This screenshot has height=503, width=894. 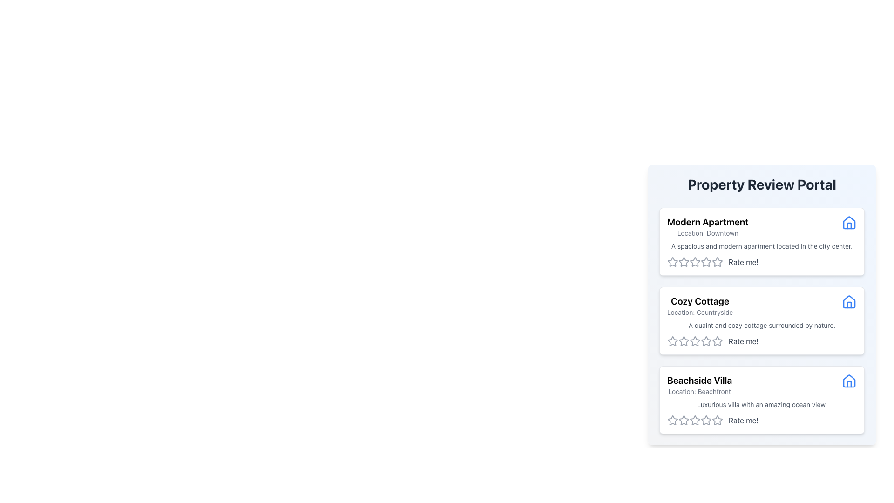 What do you see at coordinates (706, 341) in the screenshot?
I see `the fourth star in the rating widget of the 'Cozy Cottage' property card` at bounding box center [706, 341].